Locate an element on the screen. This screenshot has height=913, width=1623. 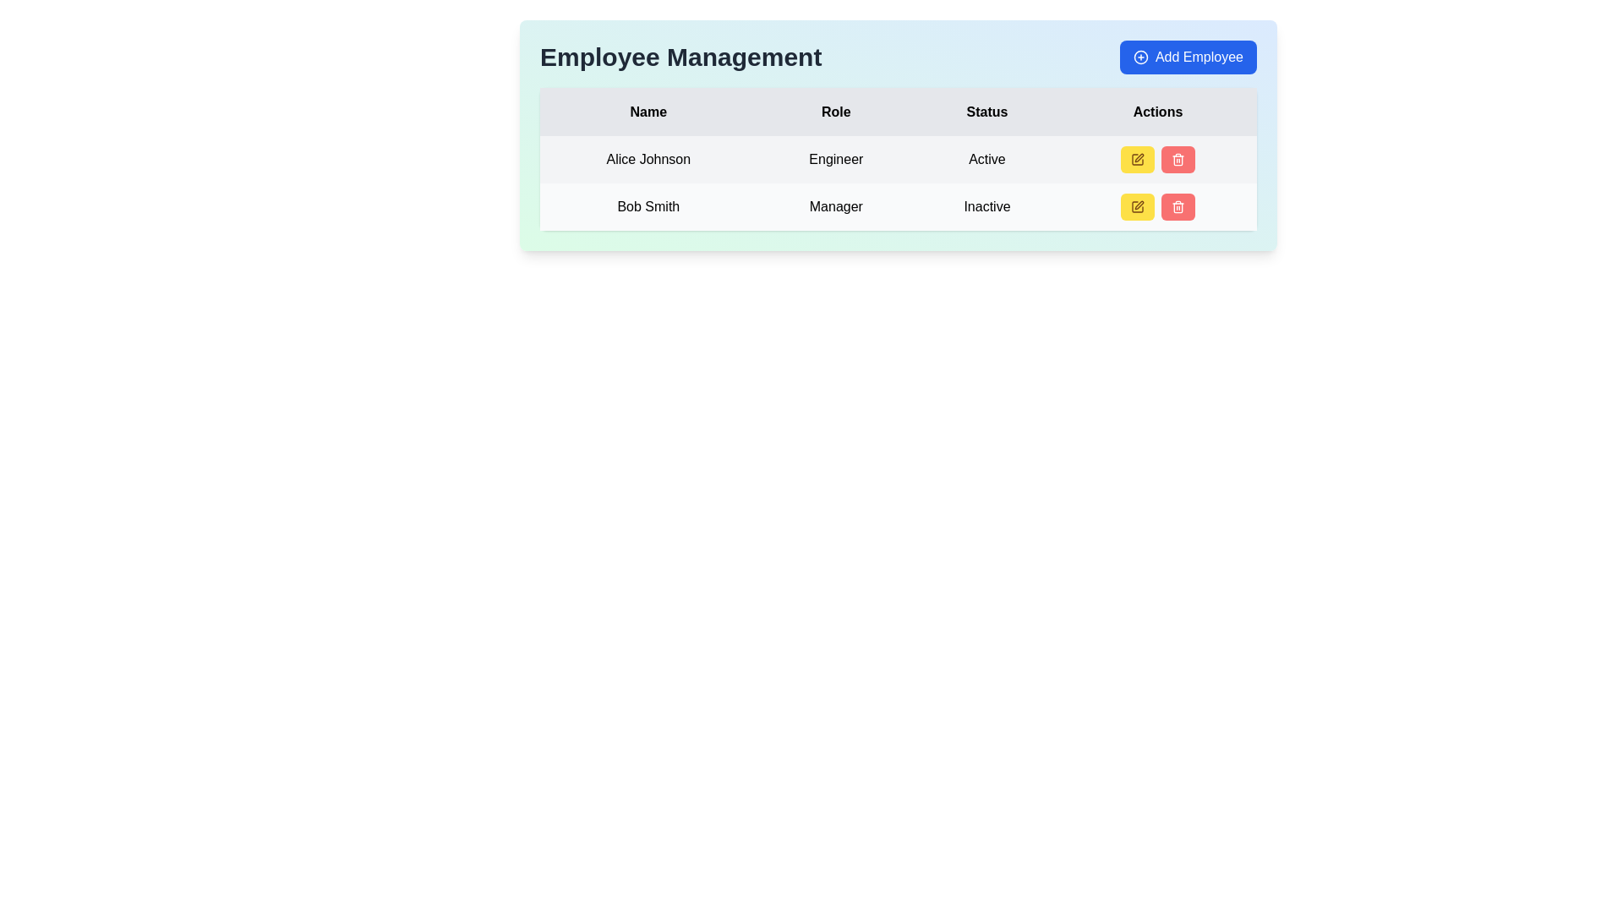
the rectangular red button featuring a trash can icon, located in the 'Actions' column of the second row in the table is located at coordinates (1177, 206).